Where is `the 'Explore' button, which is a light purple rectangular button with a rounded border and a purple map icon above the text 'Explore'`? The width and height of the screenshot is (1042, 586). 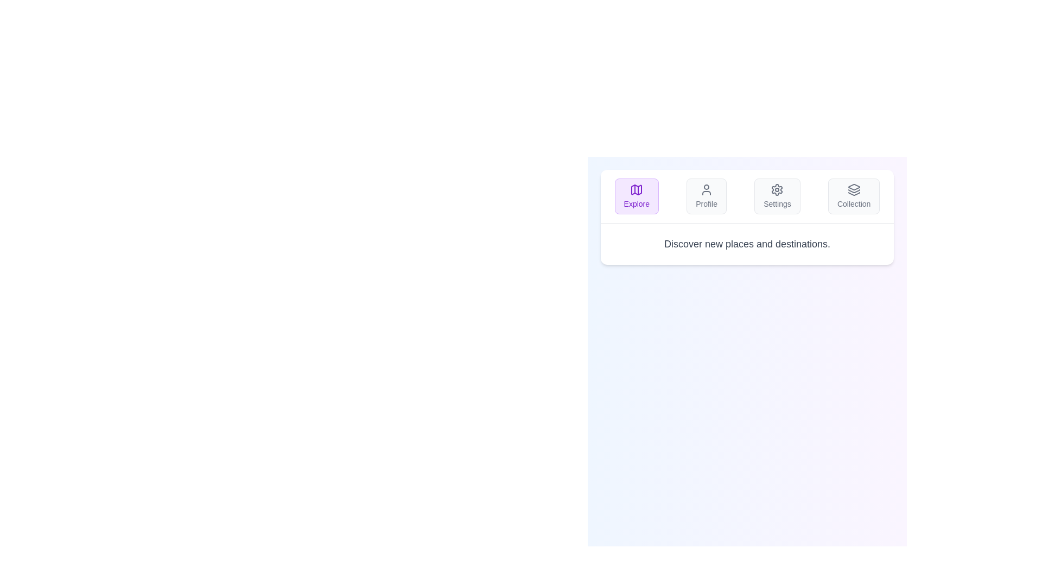 the 'Explore' button, which is a light purple rectangular button with a rounded border and a purple map icon above the text 'Explore' is located at coordinates (637, 196).